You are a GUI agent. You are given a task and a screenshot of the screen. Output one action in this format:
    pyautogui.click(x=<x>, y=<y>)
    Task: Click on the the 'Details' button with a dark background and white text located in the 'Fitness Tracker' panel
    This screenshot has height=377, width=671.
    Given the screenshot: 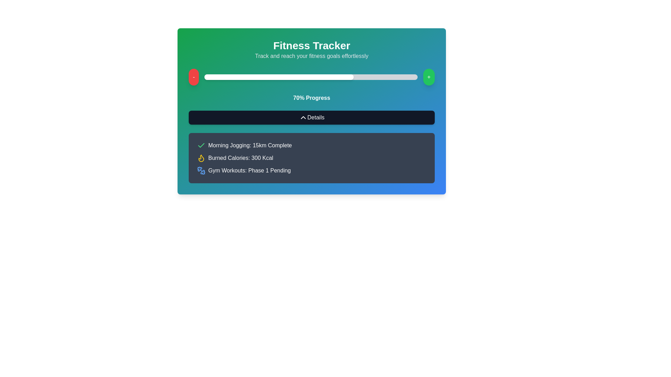 What is the action you would take?
    pyautogui.click(x=311, y=117)
    